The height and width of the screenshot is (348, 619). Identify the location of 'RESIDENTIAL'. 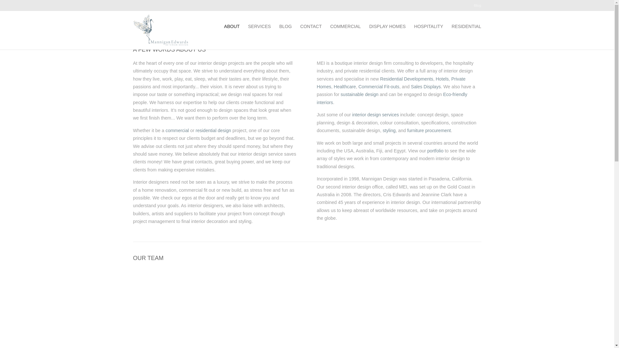
(466, 26).